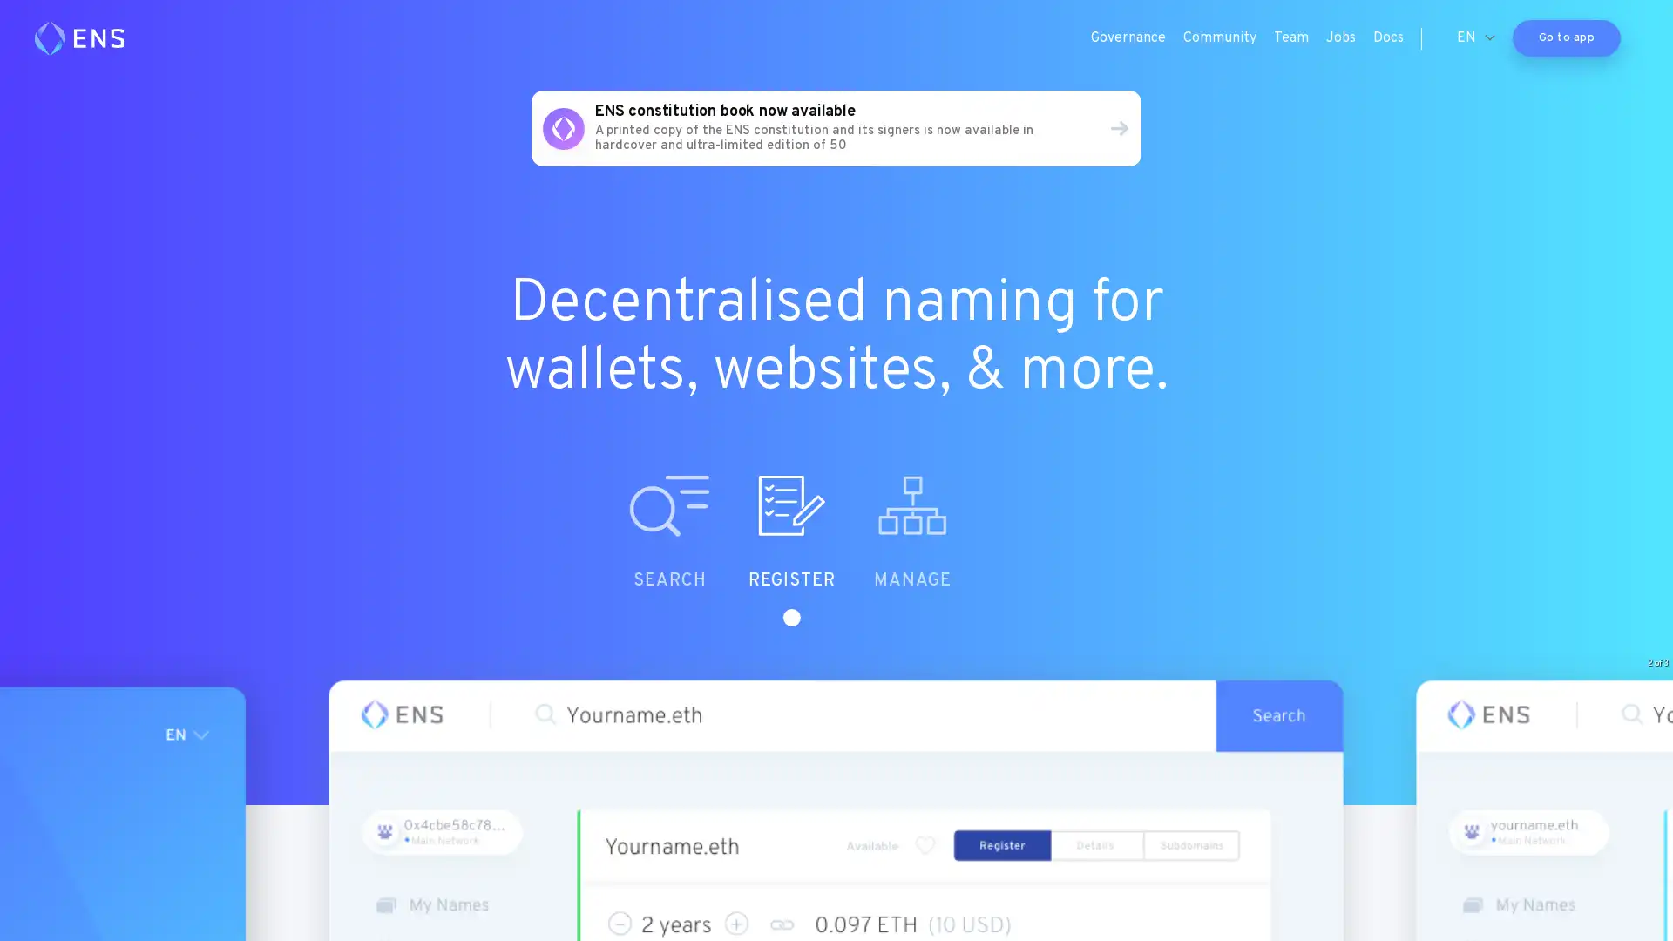 Image resolution: width=1673 pixels, height=941 pixels. Describe the element at coordinates (974, 551) in the screenshot. I see `slide item 3` at that location.